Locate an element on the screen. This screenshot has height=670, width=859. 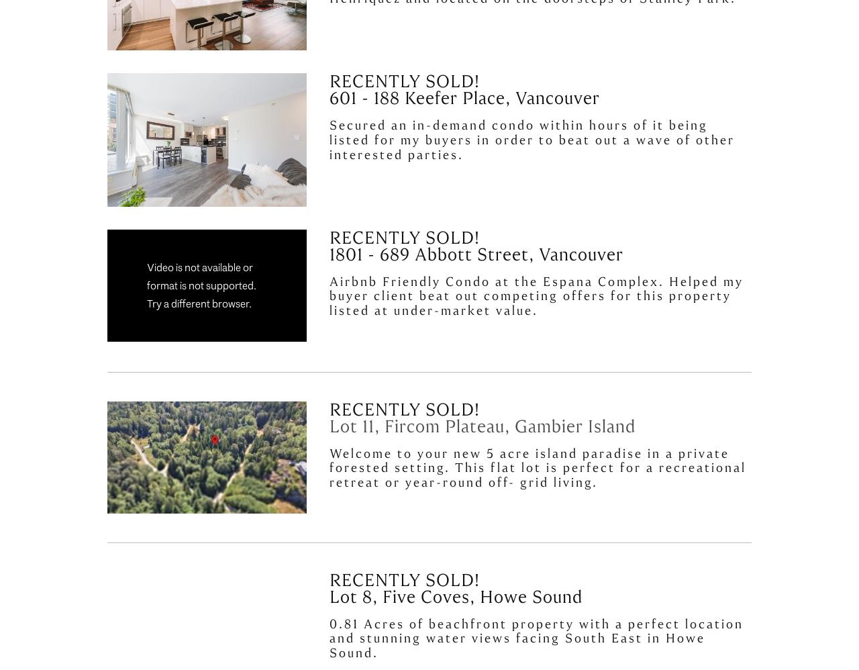
'Lot 11, Fircom Plateau, Gambier Island' is located at coordinates (482, 426).